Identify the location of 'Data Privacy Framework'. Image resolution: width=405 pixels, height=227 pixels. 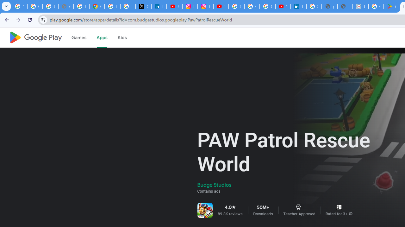
(360, 6).